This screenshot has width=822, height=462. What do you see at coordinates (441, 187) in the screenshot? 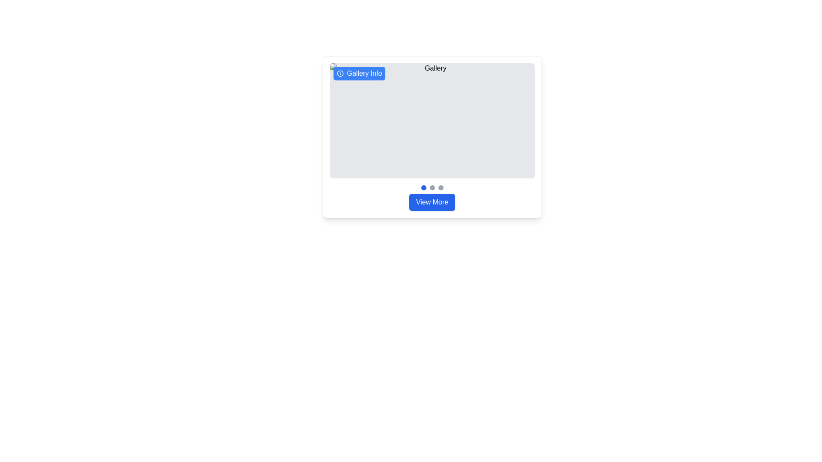
I see `the third inactive navigation indicator dot` at bounding box center [441, 187].